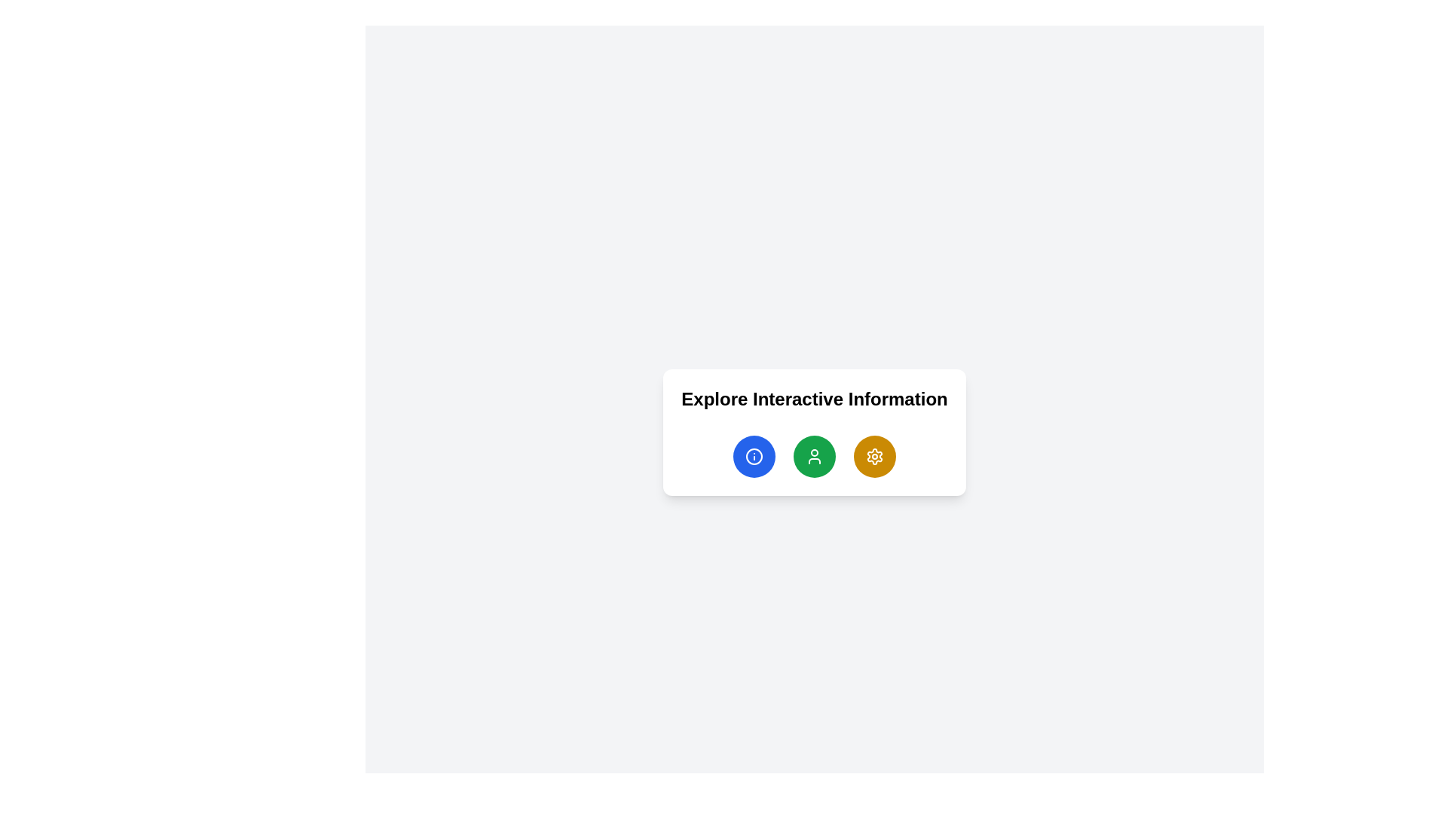 Image resolution: width=1447 pixels, height=814 pixels. What do you see at coordinates (754, 455) in the screenshot?
I see `the first circular icon button with a blue background and an 'info' symbol, located below the 'Explore Interactive Information' label` at bounding box center [754, 455].